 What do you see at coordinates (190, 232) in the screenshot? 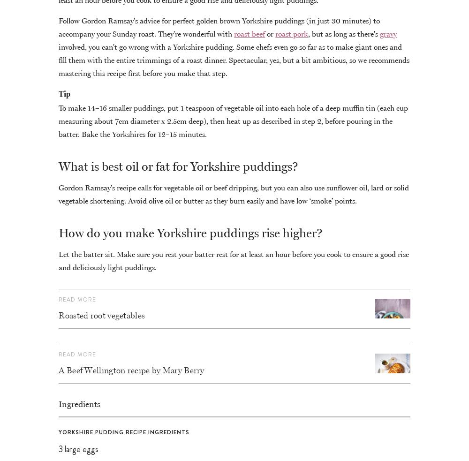
I see `'How do you make Yorkshire puddings rise higher?'` at bounding box center [190, 232].